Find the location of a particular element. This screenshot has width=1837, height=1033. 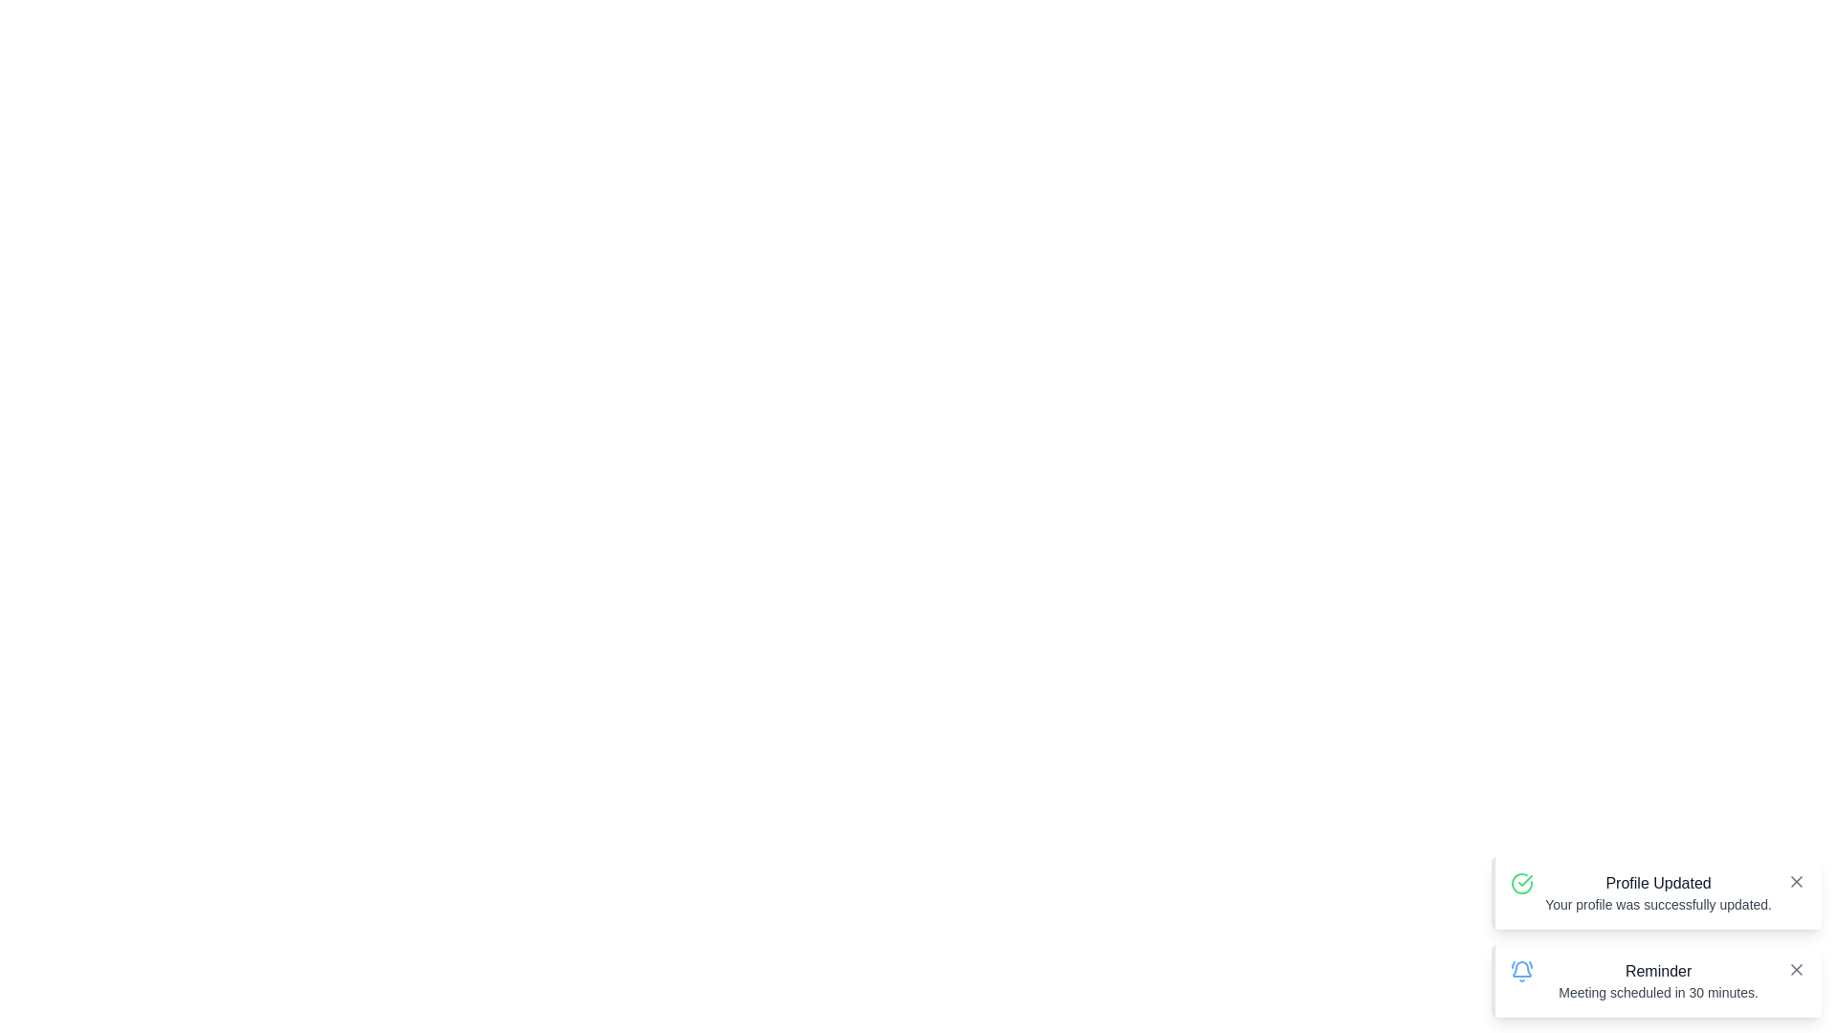

the heading text that indicates the user's profile has been updated, located in the bottom-right area of the interface is located at coordinates (1657, 884).